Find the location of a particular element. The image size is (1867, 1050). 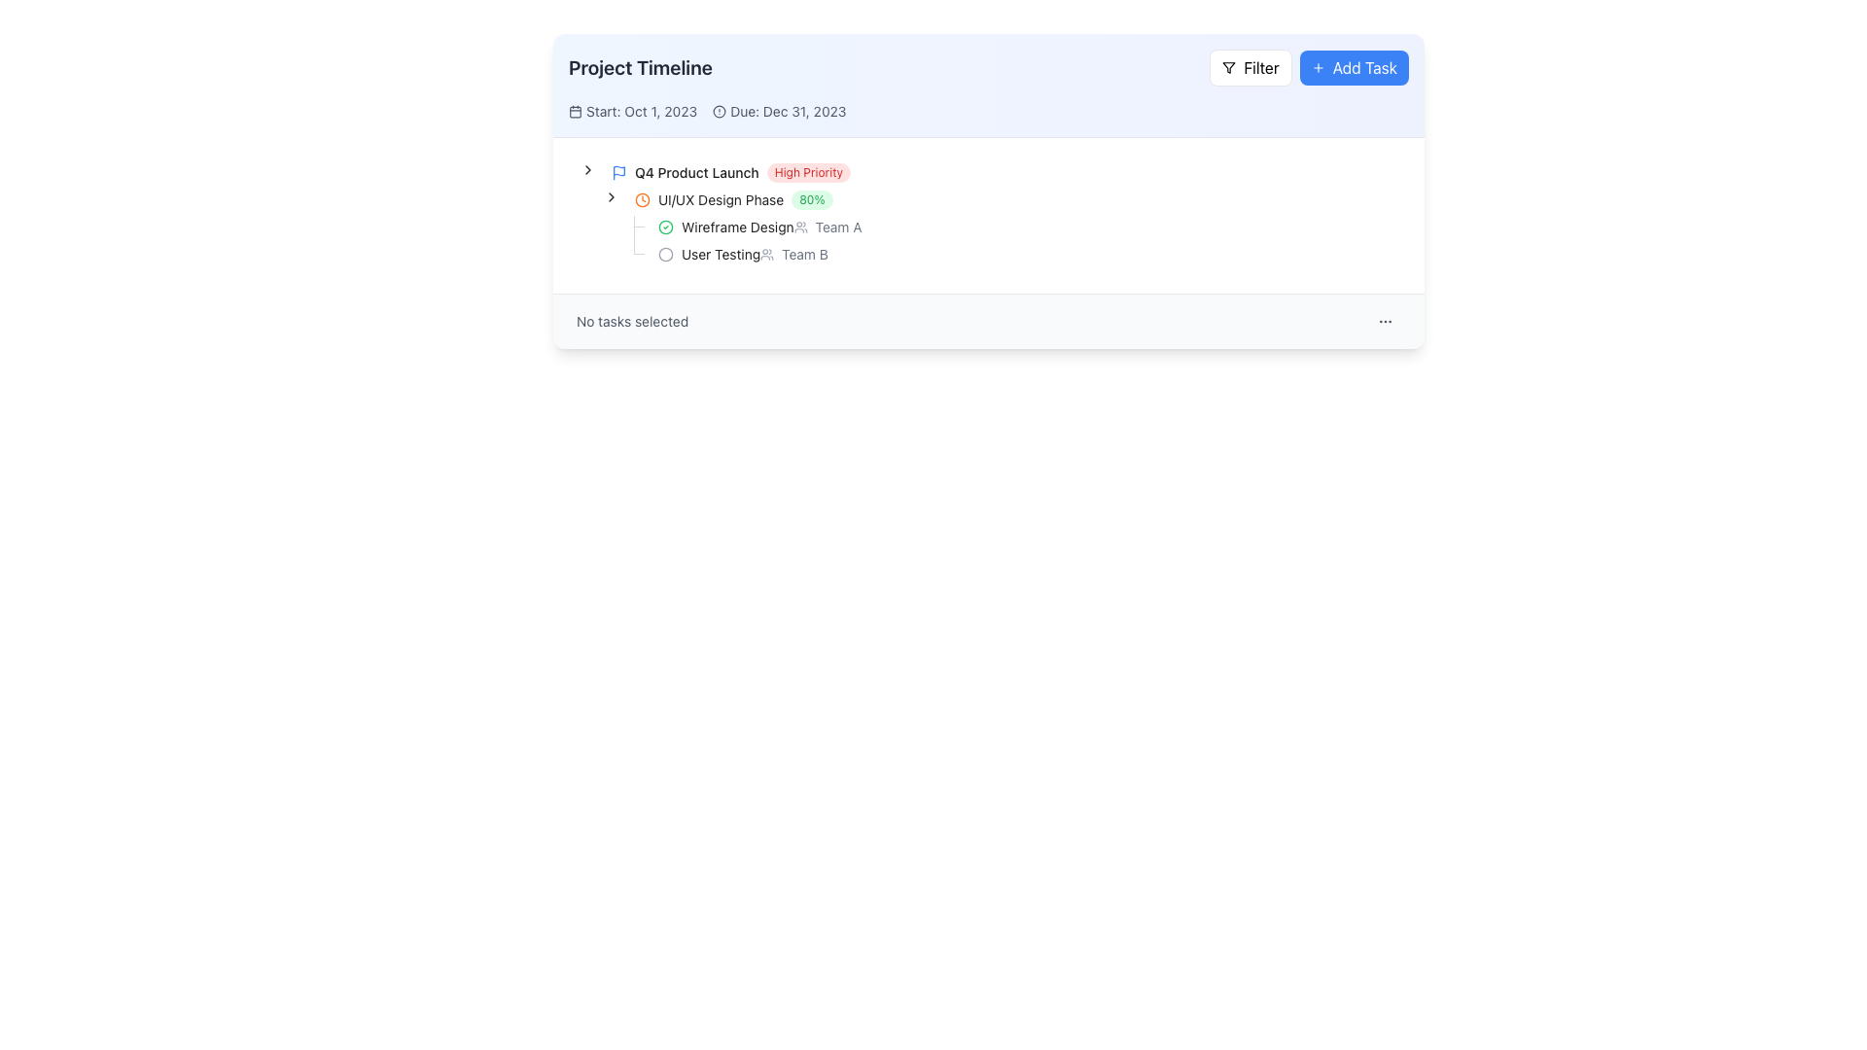

text label indicating the associated team or responsible party for the 'Wireframe Design' task, located after the 'Wireframe Design' text in the UI/UX Design Phase section is located at coordinates (838, 227).